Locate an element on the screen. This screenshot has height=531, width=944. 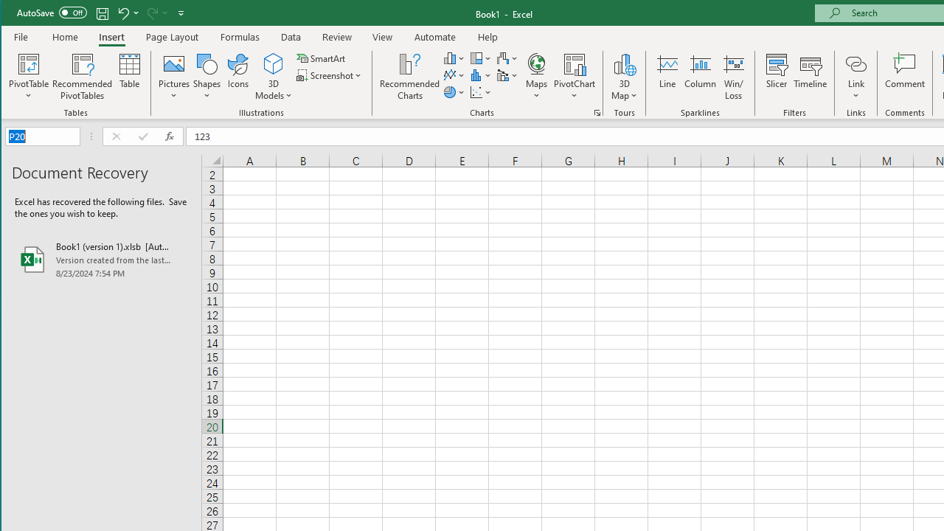
'Maps' is located at coordinates (535, 77).